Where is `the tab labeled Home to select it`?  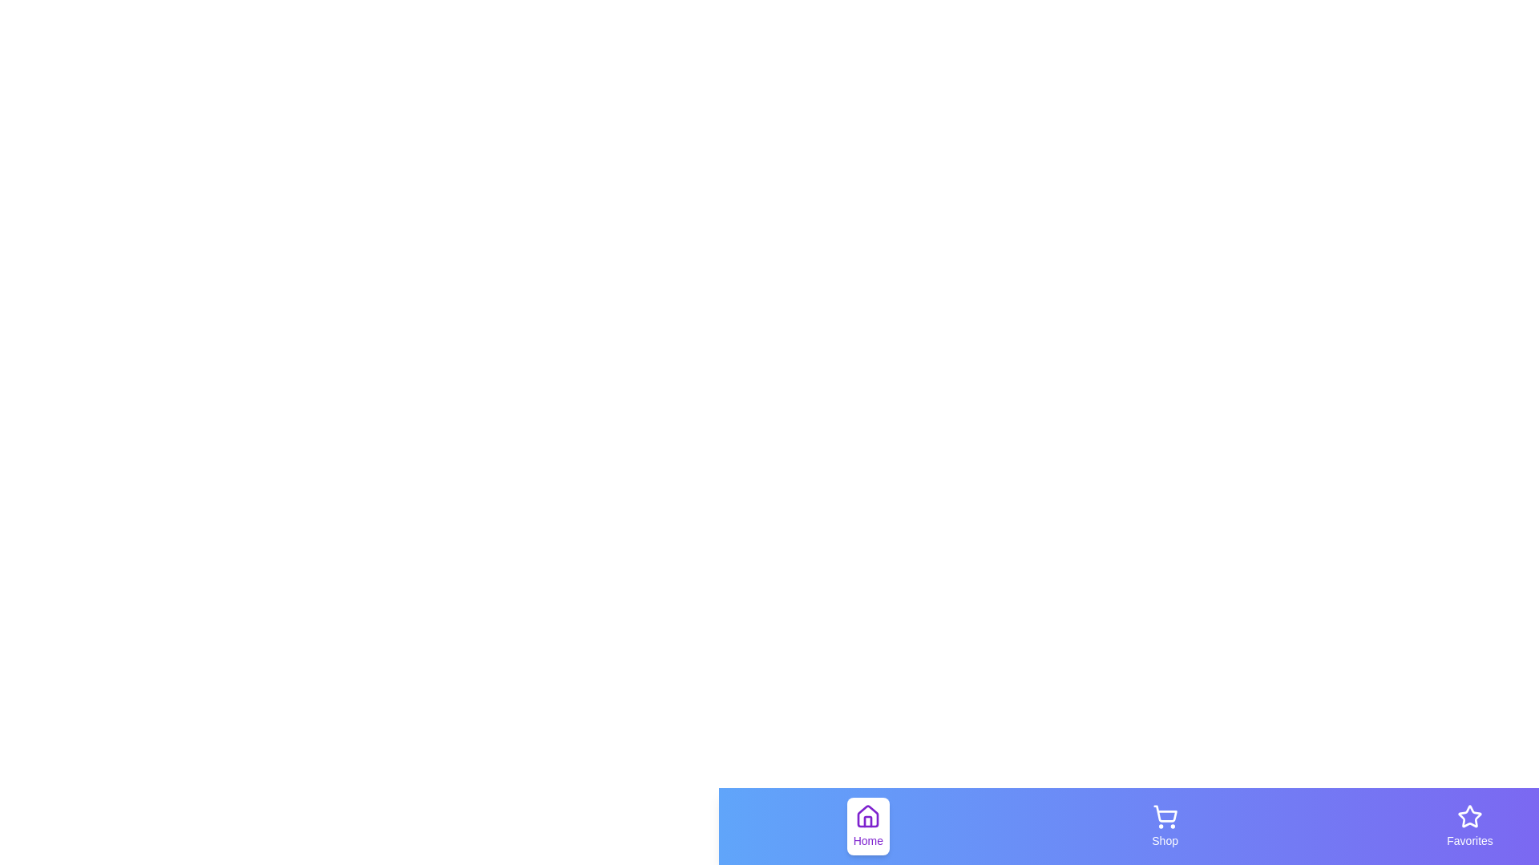 the tab labeled Home to select it is located at coordinates (867, 827).